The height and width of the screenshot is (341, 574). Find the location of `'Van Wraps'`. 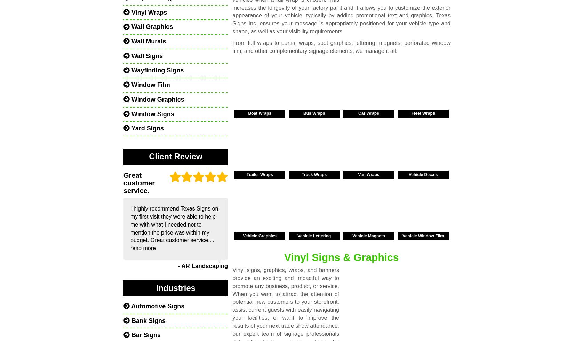

'Van Wraps' is located at coordinates (358, 174).